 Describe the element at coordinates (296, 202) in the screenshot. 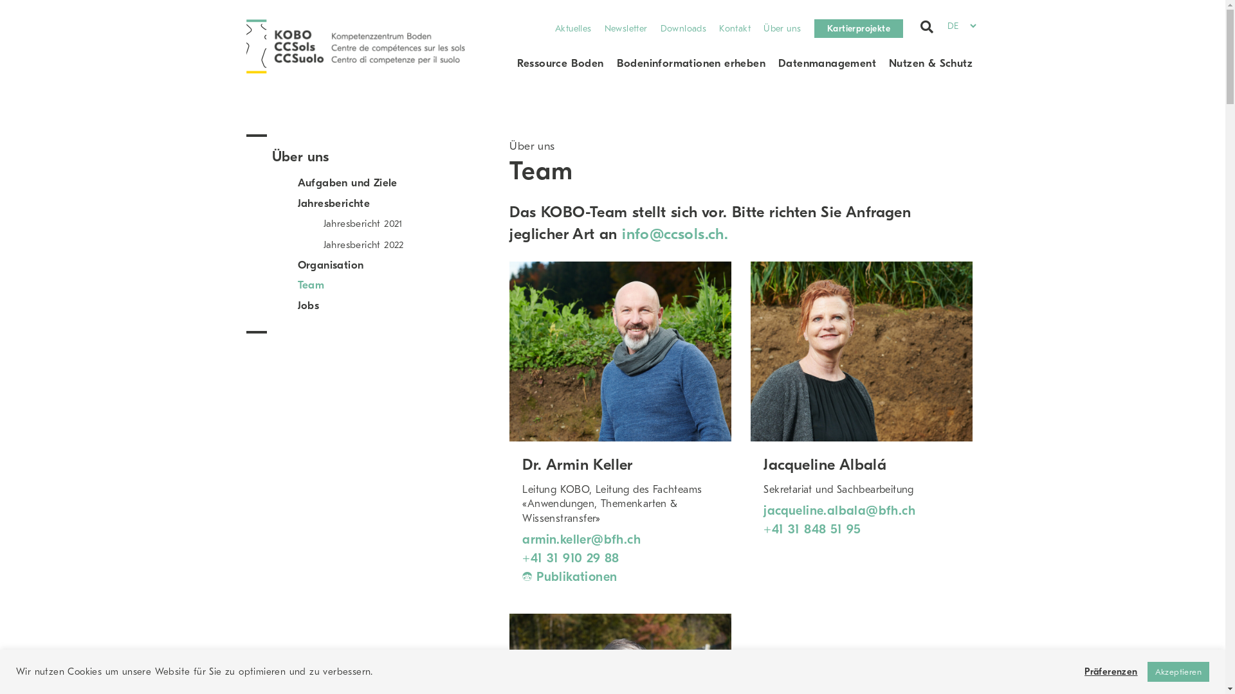

I see `'Jahresberichte'` at that location.